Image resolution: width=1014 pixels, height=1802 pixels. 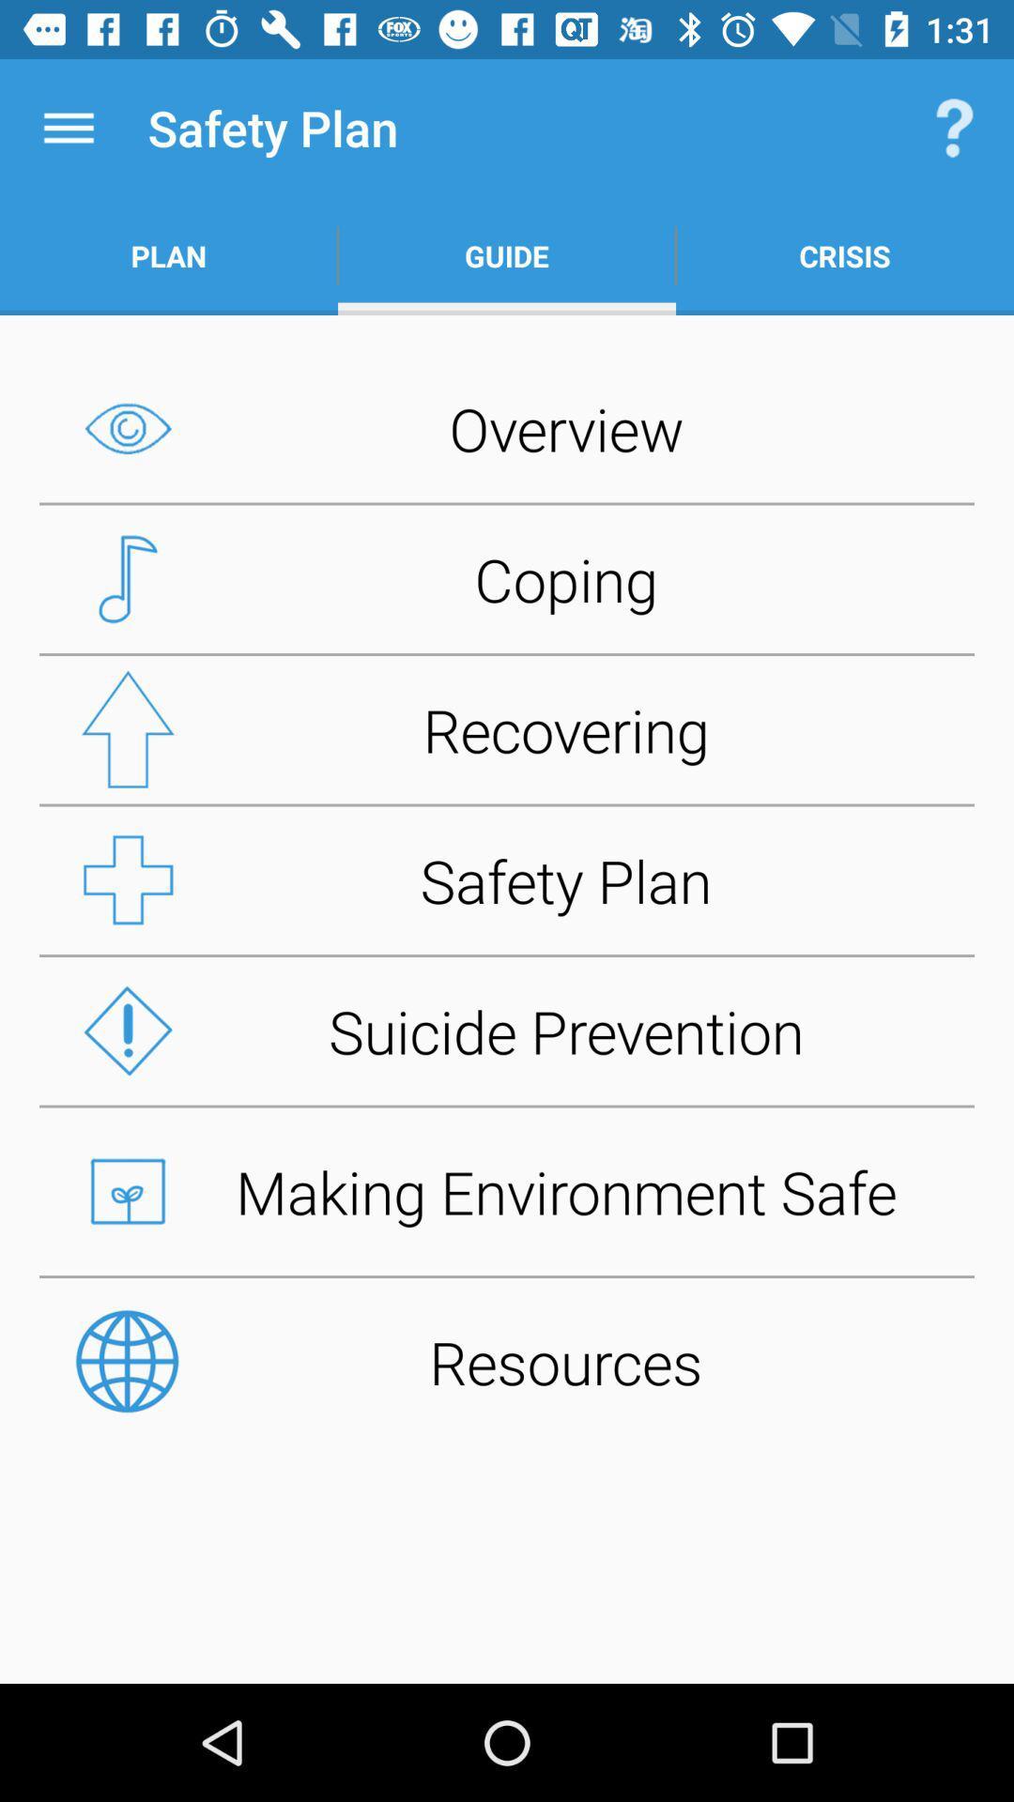 What do you see at coordinates (68, 127) in the screenshot?
I see `the item above the plan icon` at bounding box center [68, 127].